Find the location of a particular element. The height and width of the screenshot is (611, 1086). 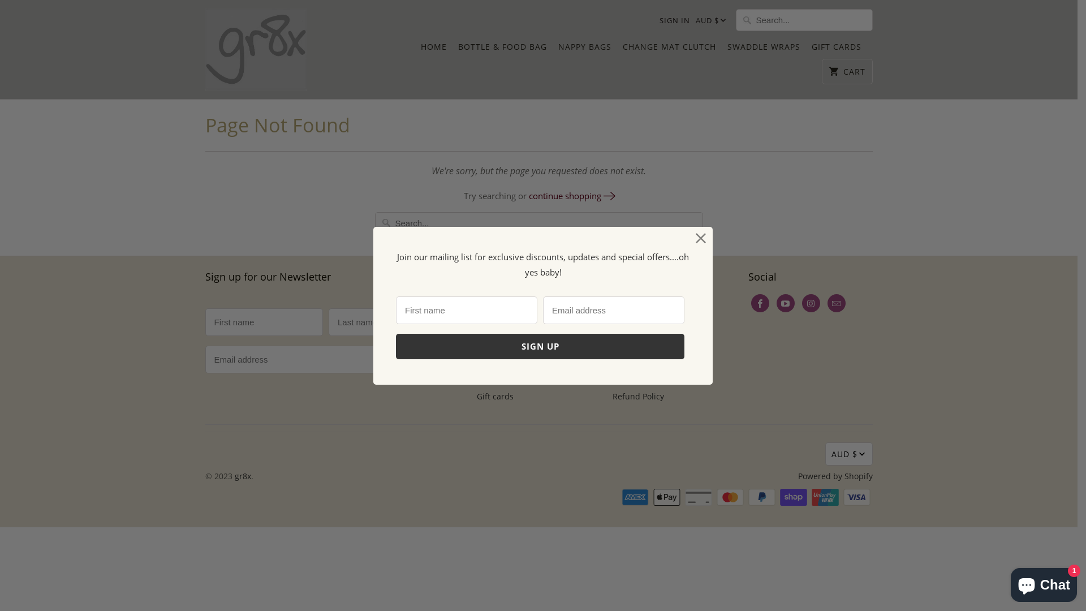

'Powered by Shopify' is located at coordinates (835, 476).